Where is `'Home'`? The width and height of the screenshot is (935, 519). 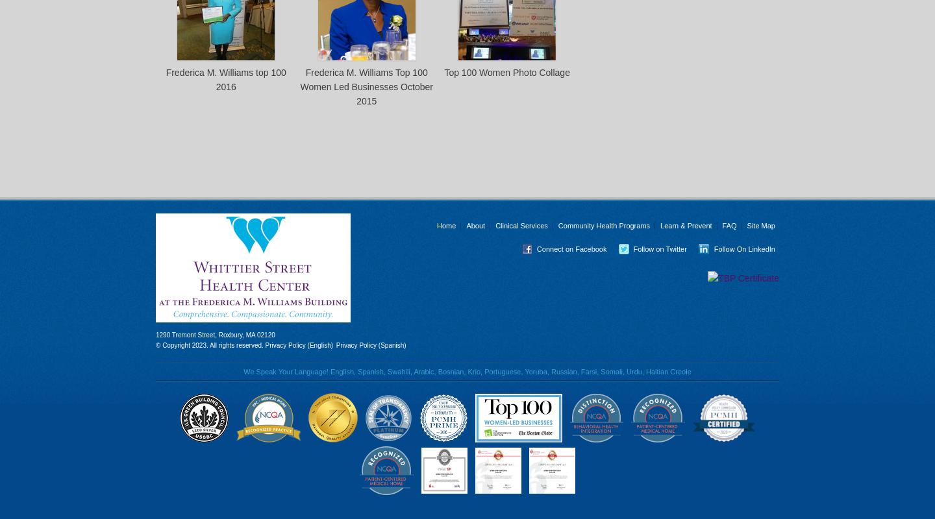 'Home' is located at coordinates (446, 226).